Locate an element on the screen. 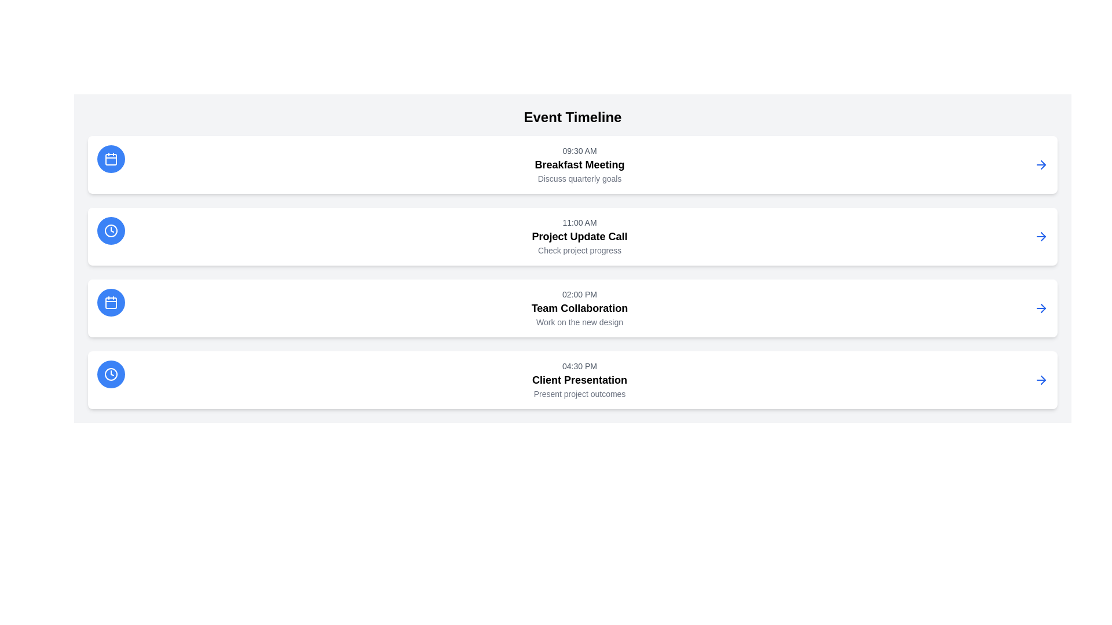  text of the gray text label displaying 'Present project outcomes', which is located beneath the 'Client Presentation' title in the timeline interface is located at coordinates (580, 394).